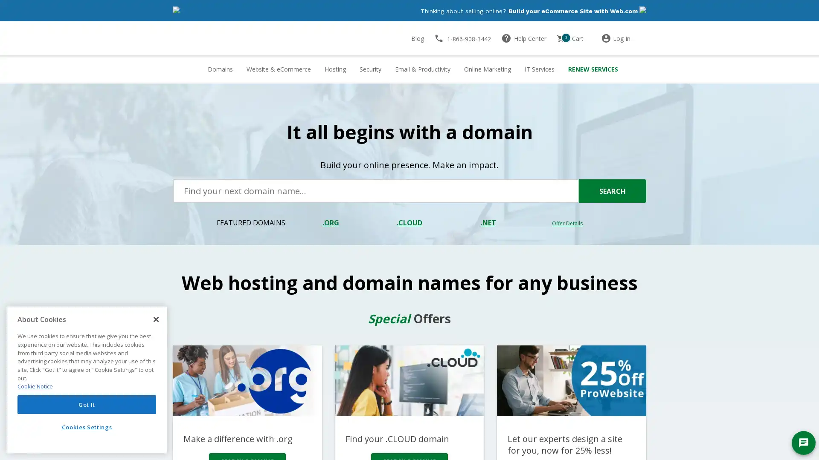  What do you see at coordinates (87, 404) in the screenshot?
I see `Got It` at bounding box center [87, 404].